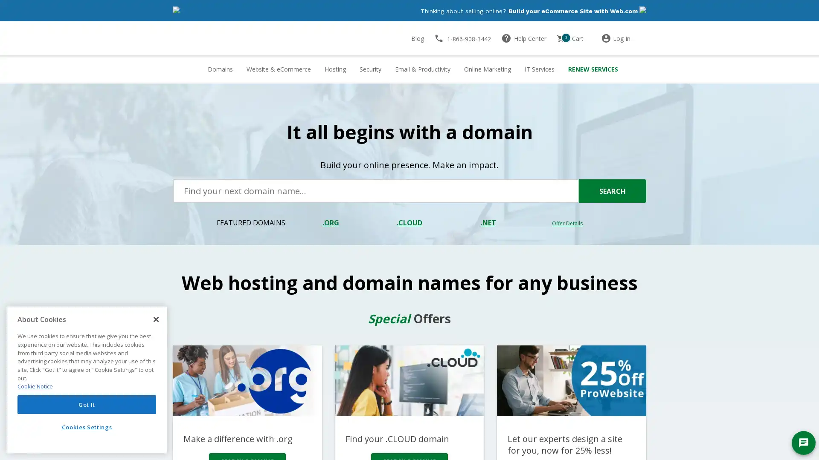  What do you see at coordinates (87, 404) in the screenshot?
I see `Got It` at bounding box center [87, 404].